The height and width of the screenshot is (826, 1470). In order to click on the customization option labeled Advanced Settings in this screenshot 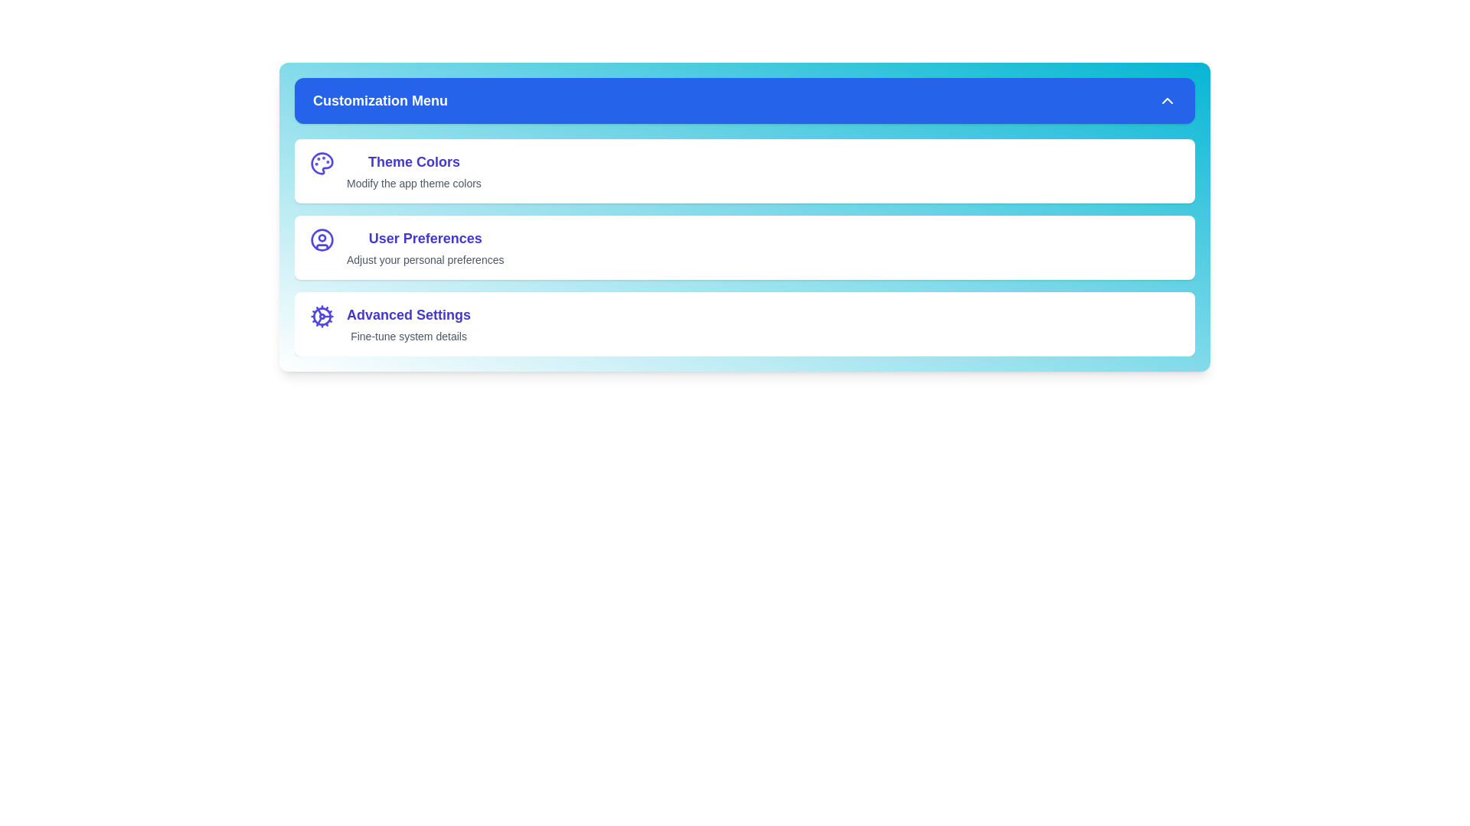, I will do `click(745, 324)`.